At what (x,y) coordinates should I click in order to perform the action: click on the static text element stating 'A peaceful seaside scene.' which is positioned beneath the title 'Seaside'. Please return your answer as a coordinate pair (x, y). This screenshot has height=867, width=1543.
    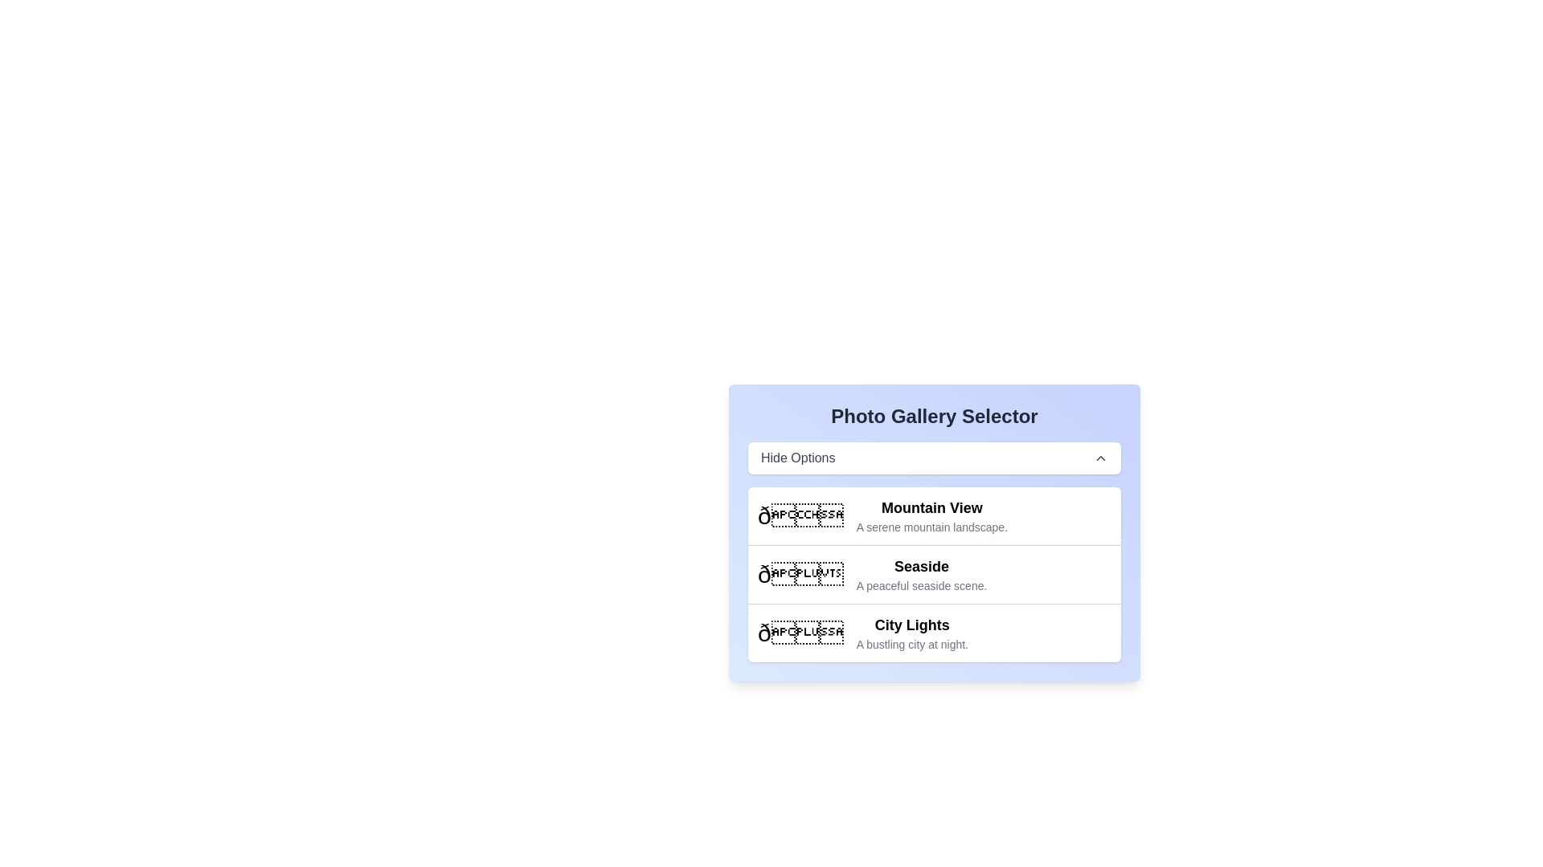
    Looking at the image, I should click on (922, 585).